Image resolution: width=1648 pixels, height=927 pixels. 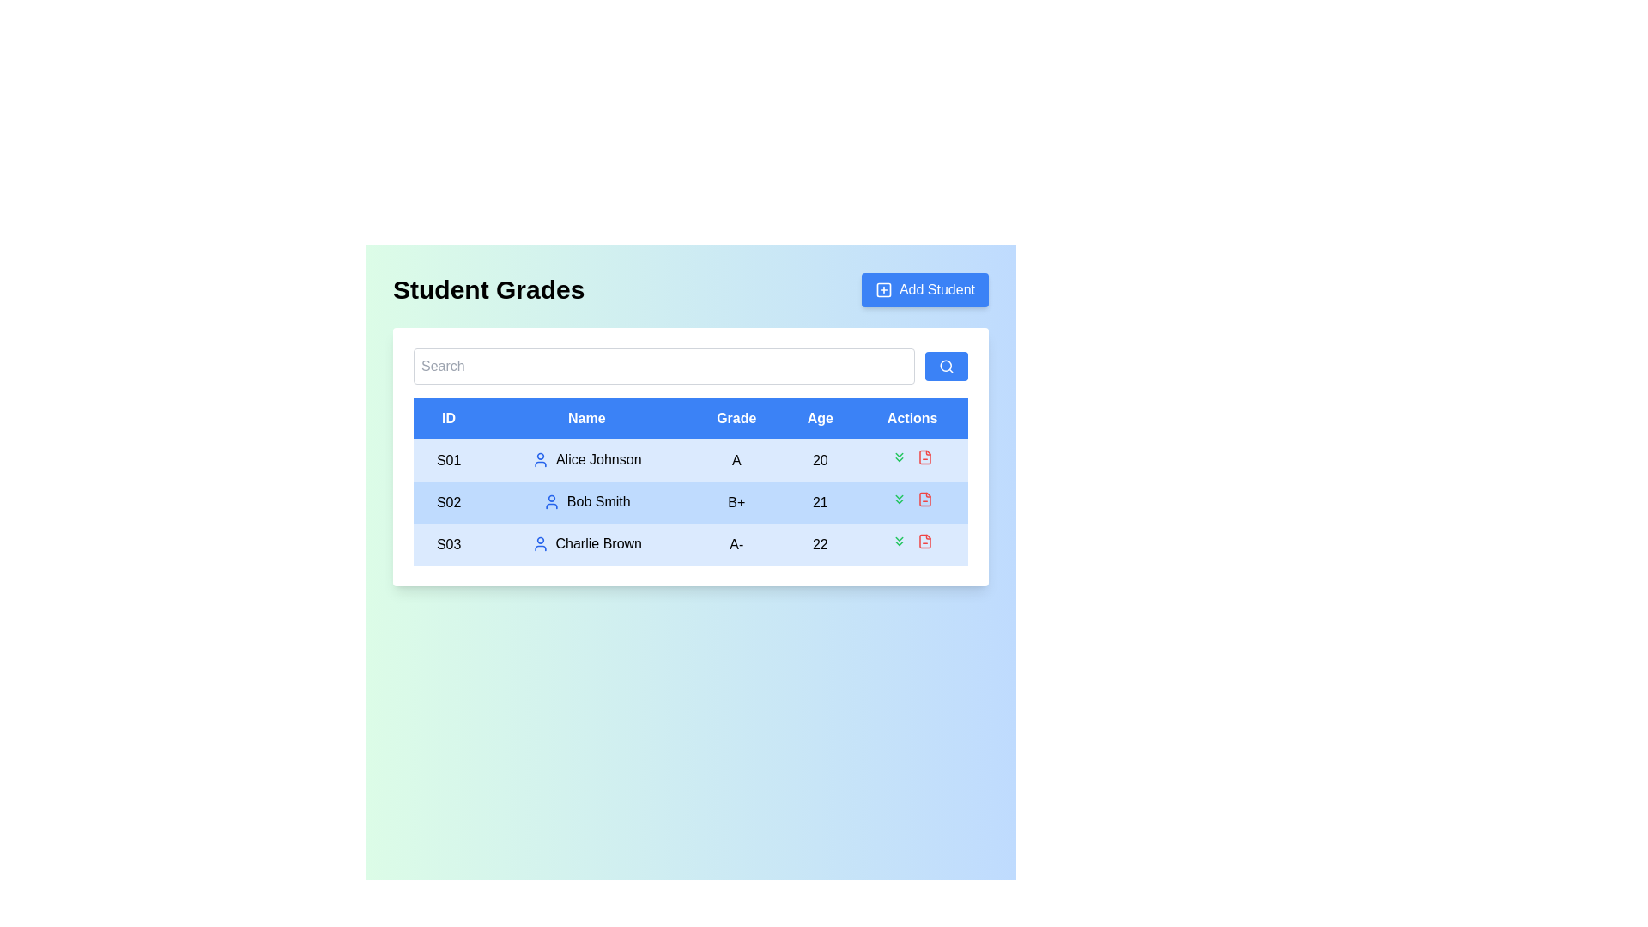 I want to click on the delete button in the 'Actions' column for 'Alice Johnson', so click(x=924, y=456).